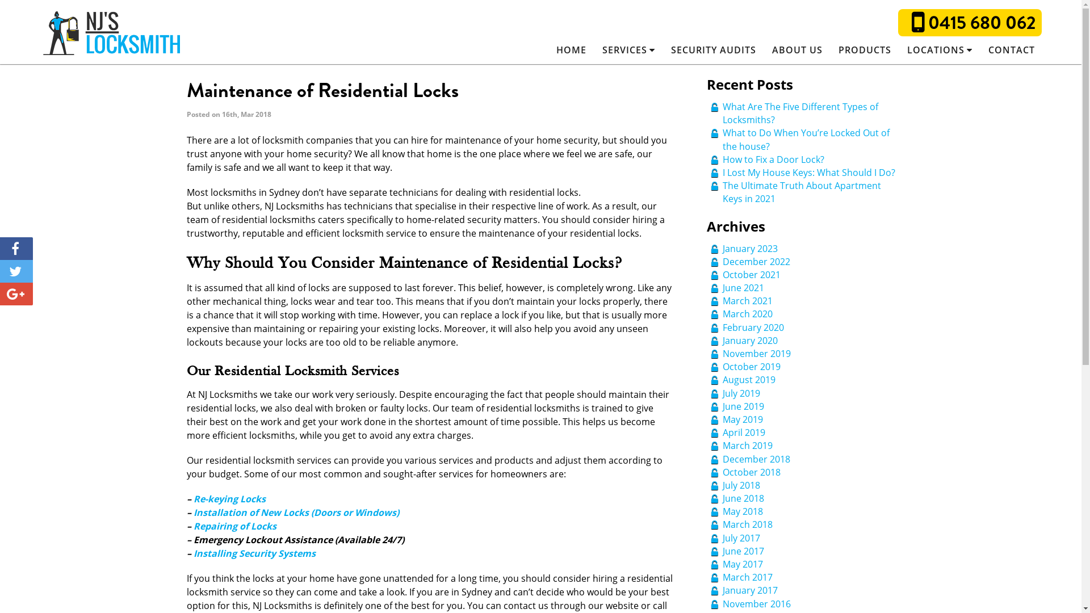  Describe the element at coordinates (743, 287) in the screenshot. I see `'June 2021'` at that location.